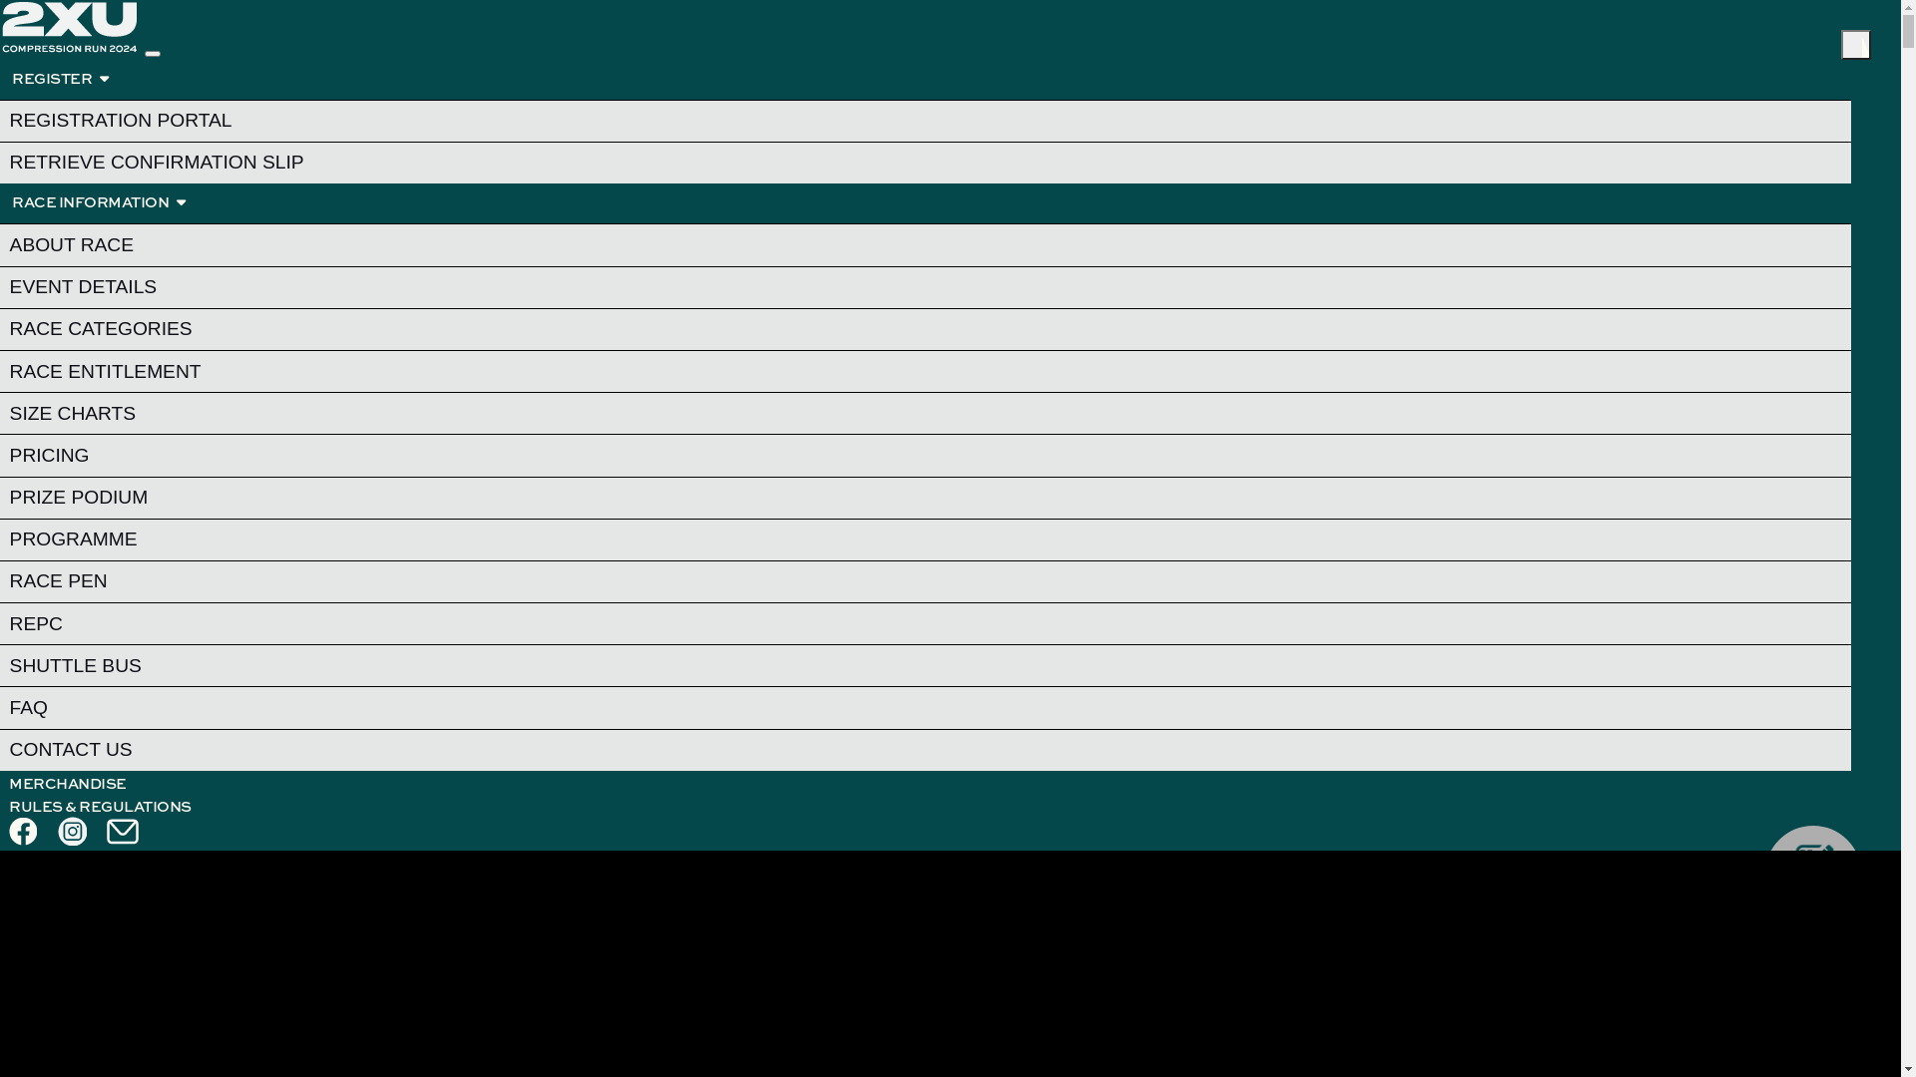  Describe the element at coordinates (924, 750) in the screenshot. I see `'CONTACT US'` at that location.